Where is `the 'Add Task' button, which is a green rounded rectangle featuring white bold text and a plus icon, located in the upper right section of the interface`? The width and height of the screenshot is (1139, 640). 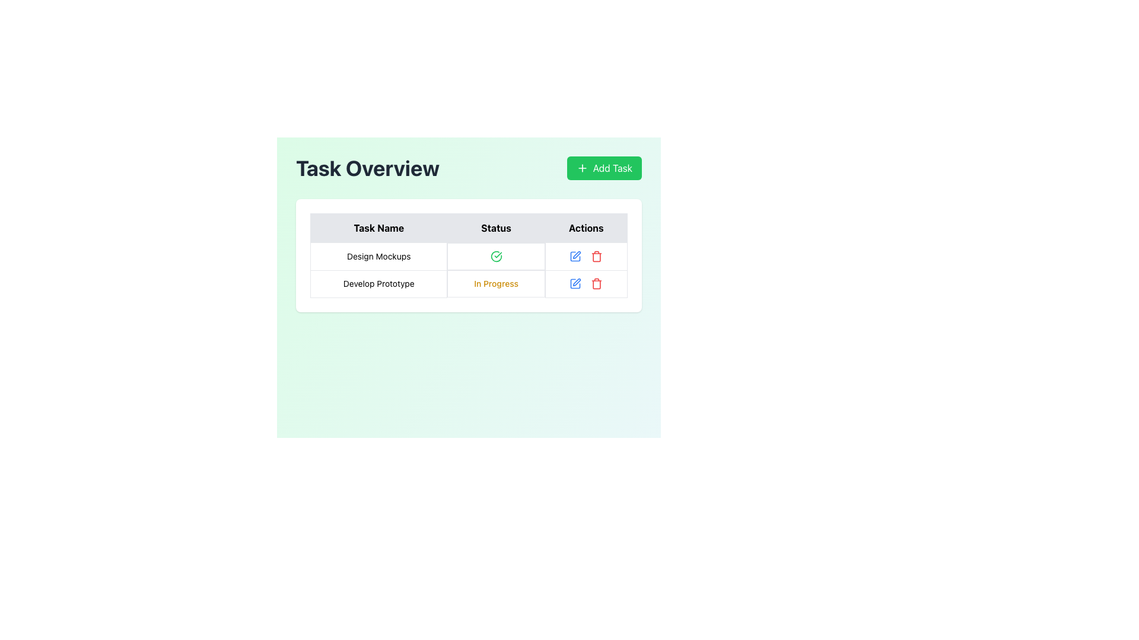
the 'Add Task' button, which is a green rounded rectangle featuring white bold text and a plus icon, located in the upper right section of the interface is located at coordinates (612, 168).